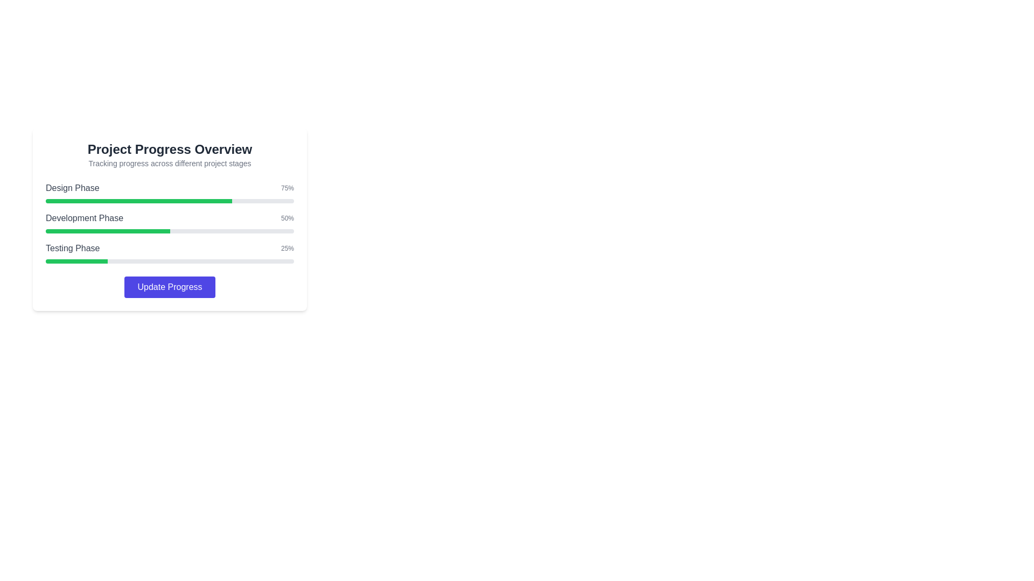  What do you see at coordinates (84, 218) in the screenshot?
I see `the 'Development Phase' text label, which is styled in gray, medium-weight font and is part of a progress overview card section` at bounding box center [84, 218].